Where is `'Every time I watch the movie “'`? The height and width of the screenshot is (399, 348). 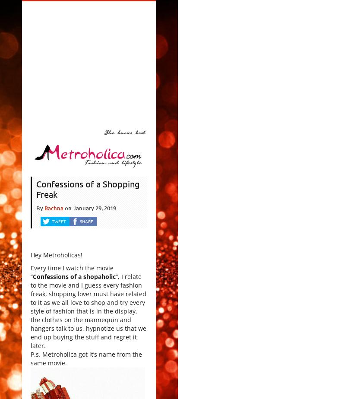
'Every time I watch the movie “' is located at coordinates (30, 272).